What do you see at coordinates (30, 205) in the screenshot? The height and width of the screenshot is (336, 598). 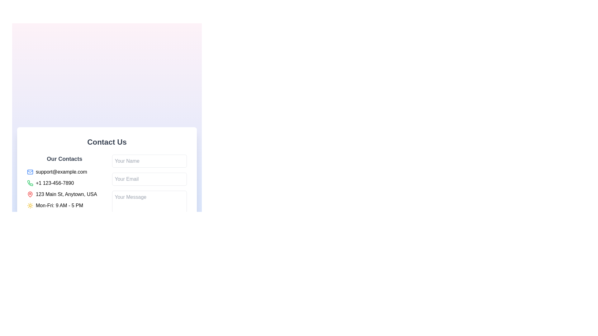 I see `assistive technology` at bounding box center [30, 205].